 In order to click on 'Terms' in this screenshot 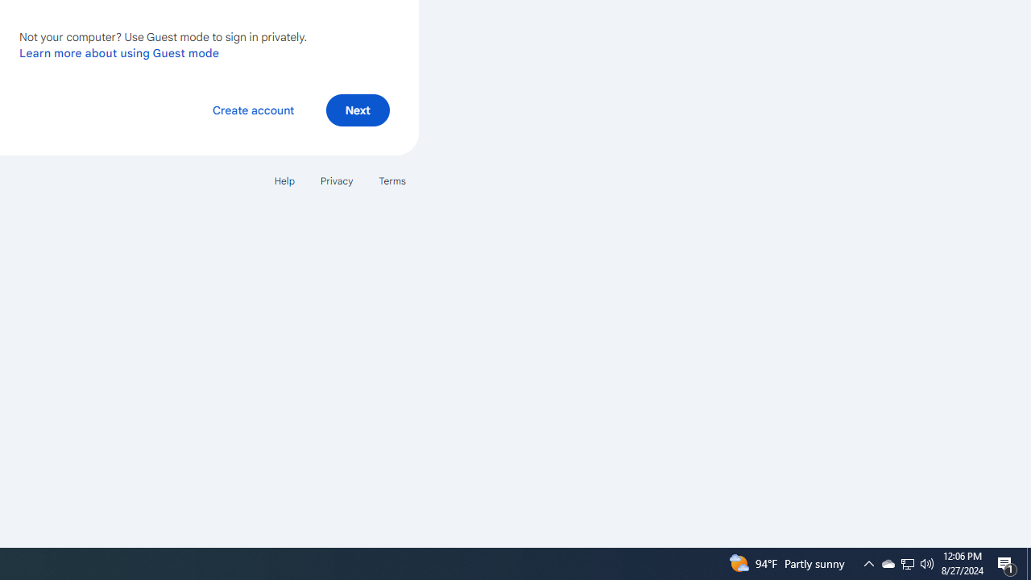, I will do `click(392, 180)`.